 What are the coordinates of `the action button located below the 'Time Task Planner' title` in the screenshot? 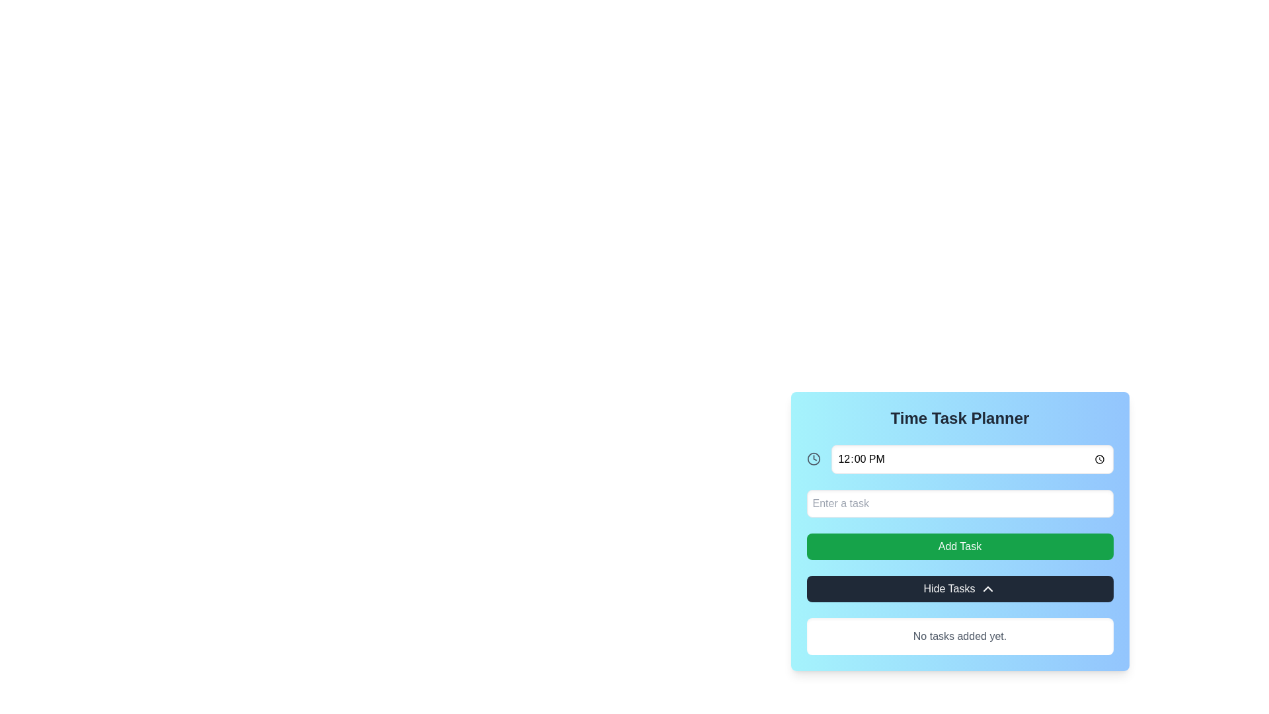 It's located at (960, 530).